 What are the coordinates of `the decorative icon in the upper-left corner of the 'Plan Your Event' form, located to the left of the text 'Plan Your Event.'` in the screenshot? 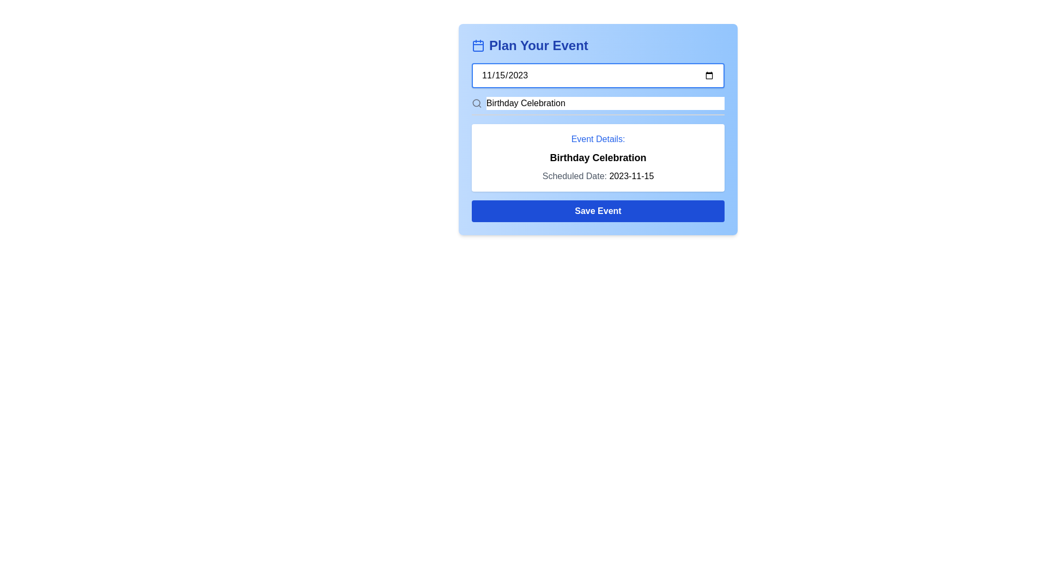 It's located at (478, 45).